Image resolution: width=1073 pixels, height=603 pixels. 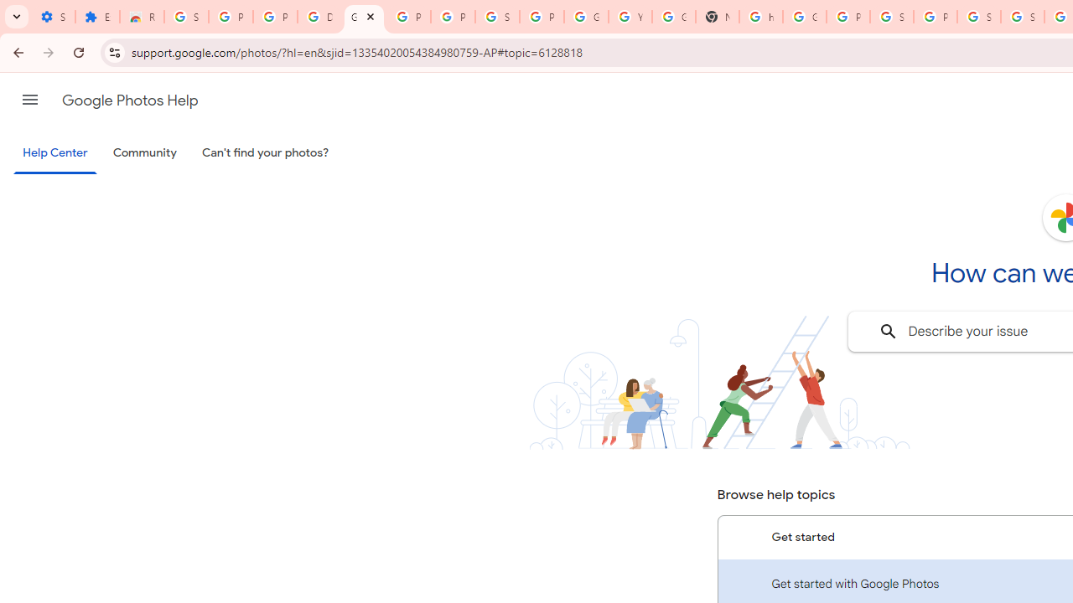 I want to click on 'Reviews: Helix Fruit Jump Arcade Game', so click(x=142, y=17).